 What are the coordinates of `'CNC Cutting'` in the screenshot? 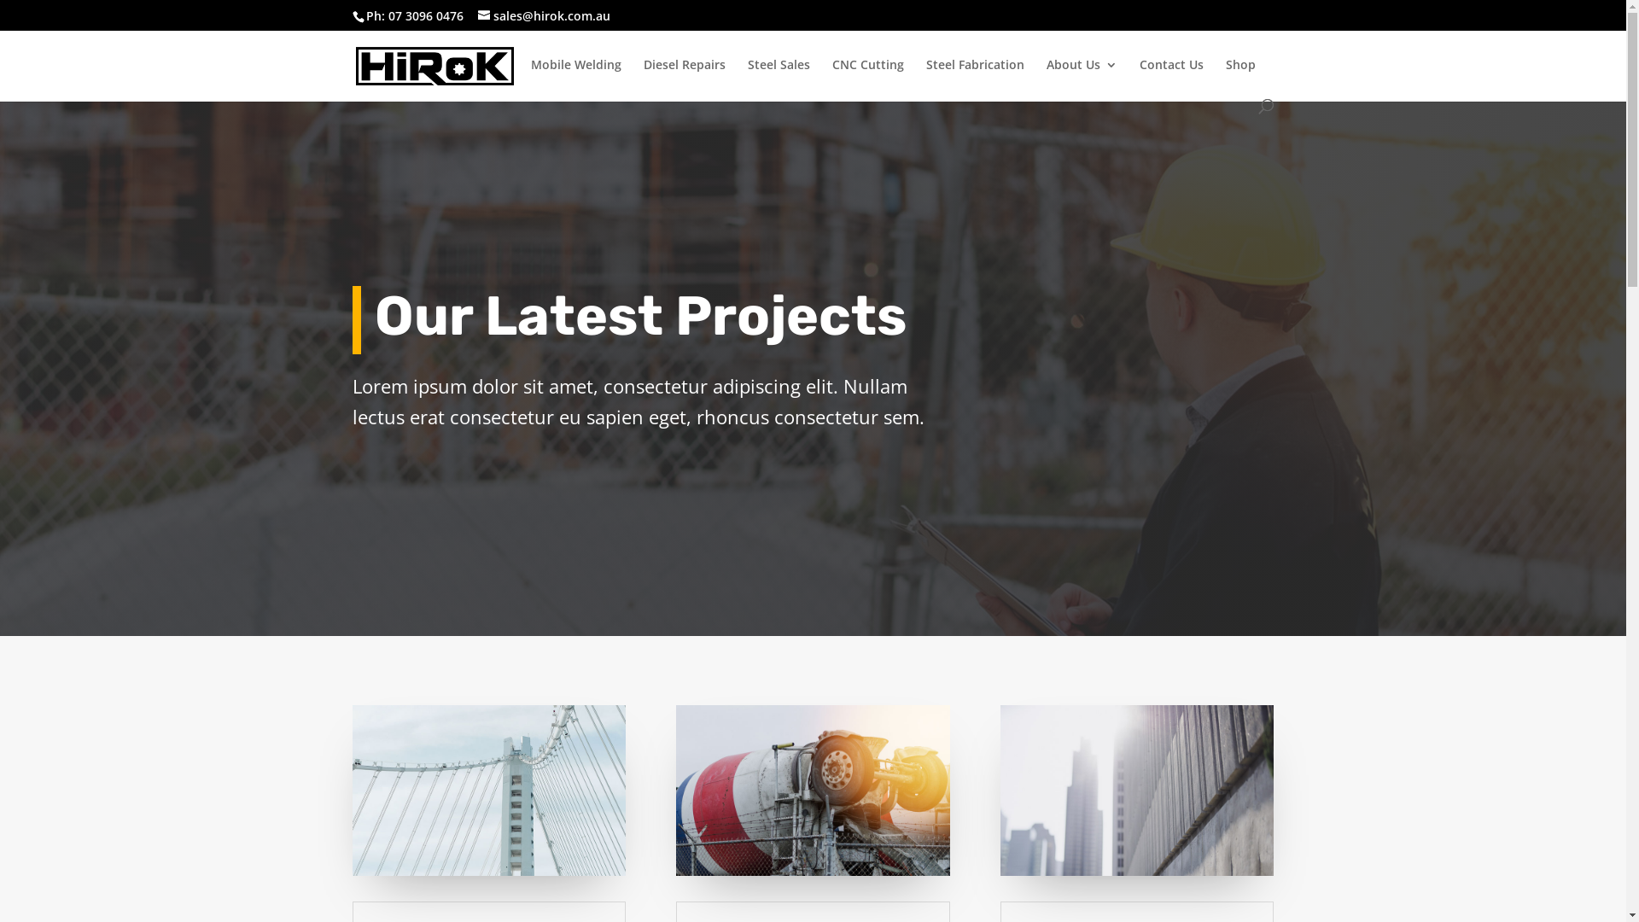 It's located at (867, 79).